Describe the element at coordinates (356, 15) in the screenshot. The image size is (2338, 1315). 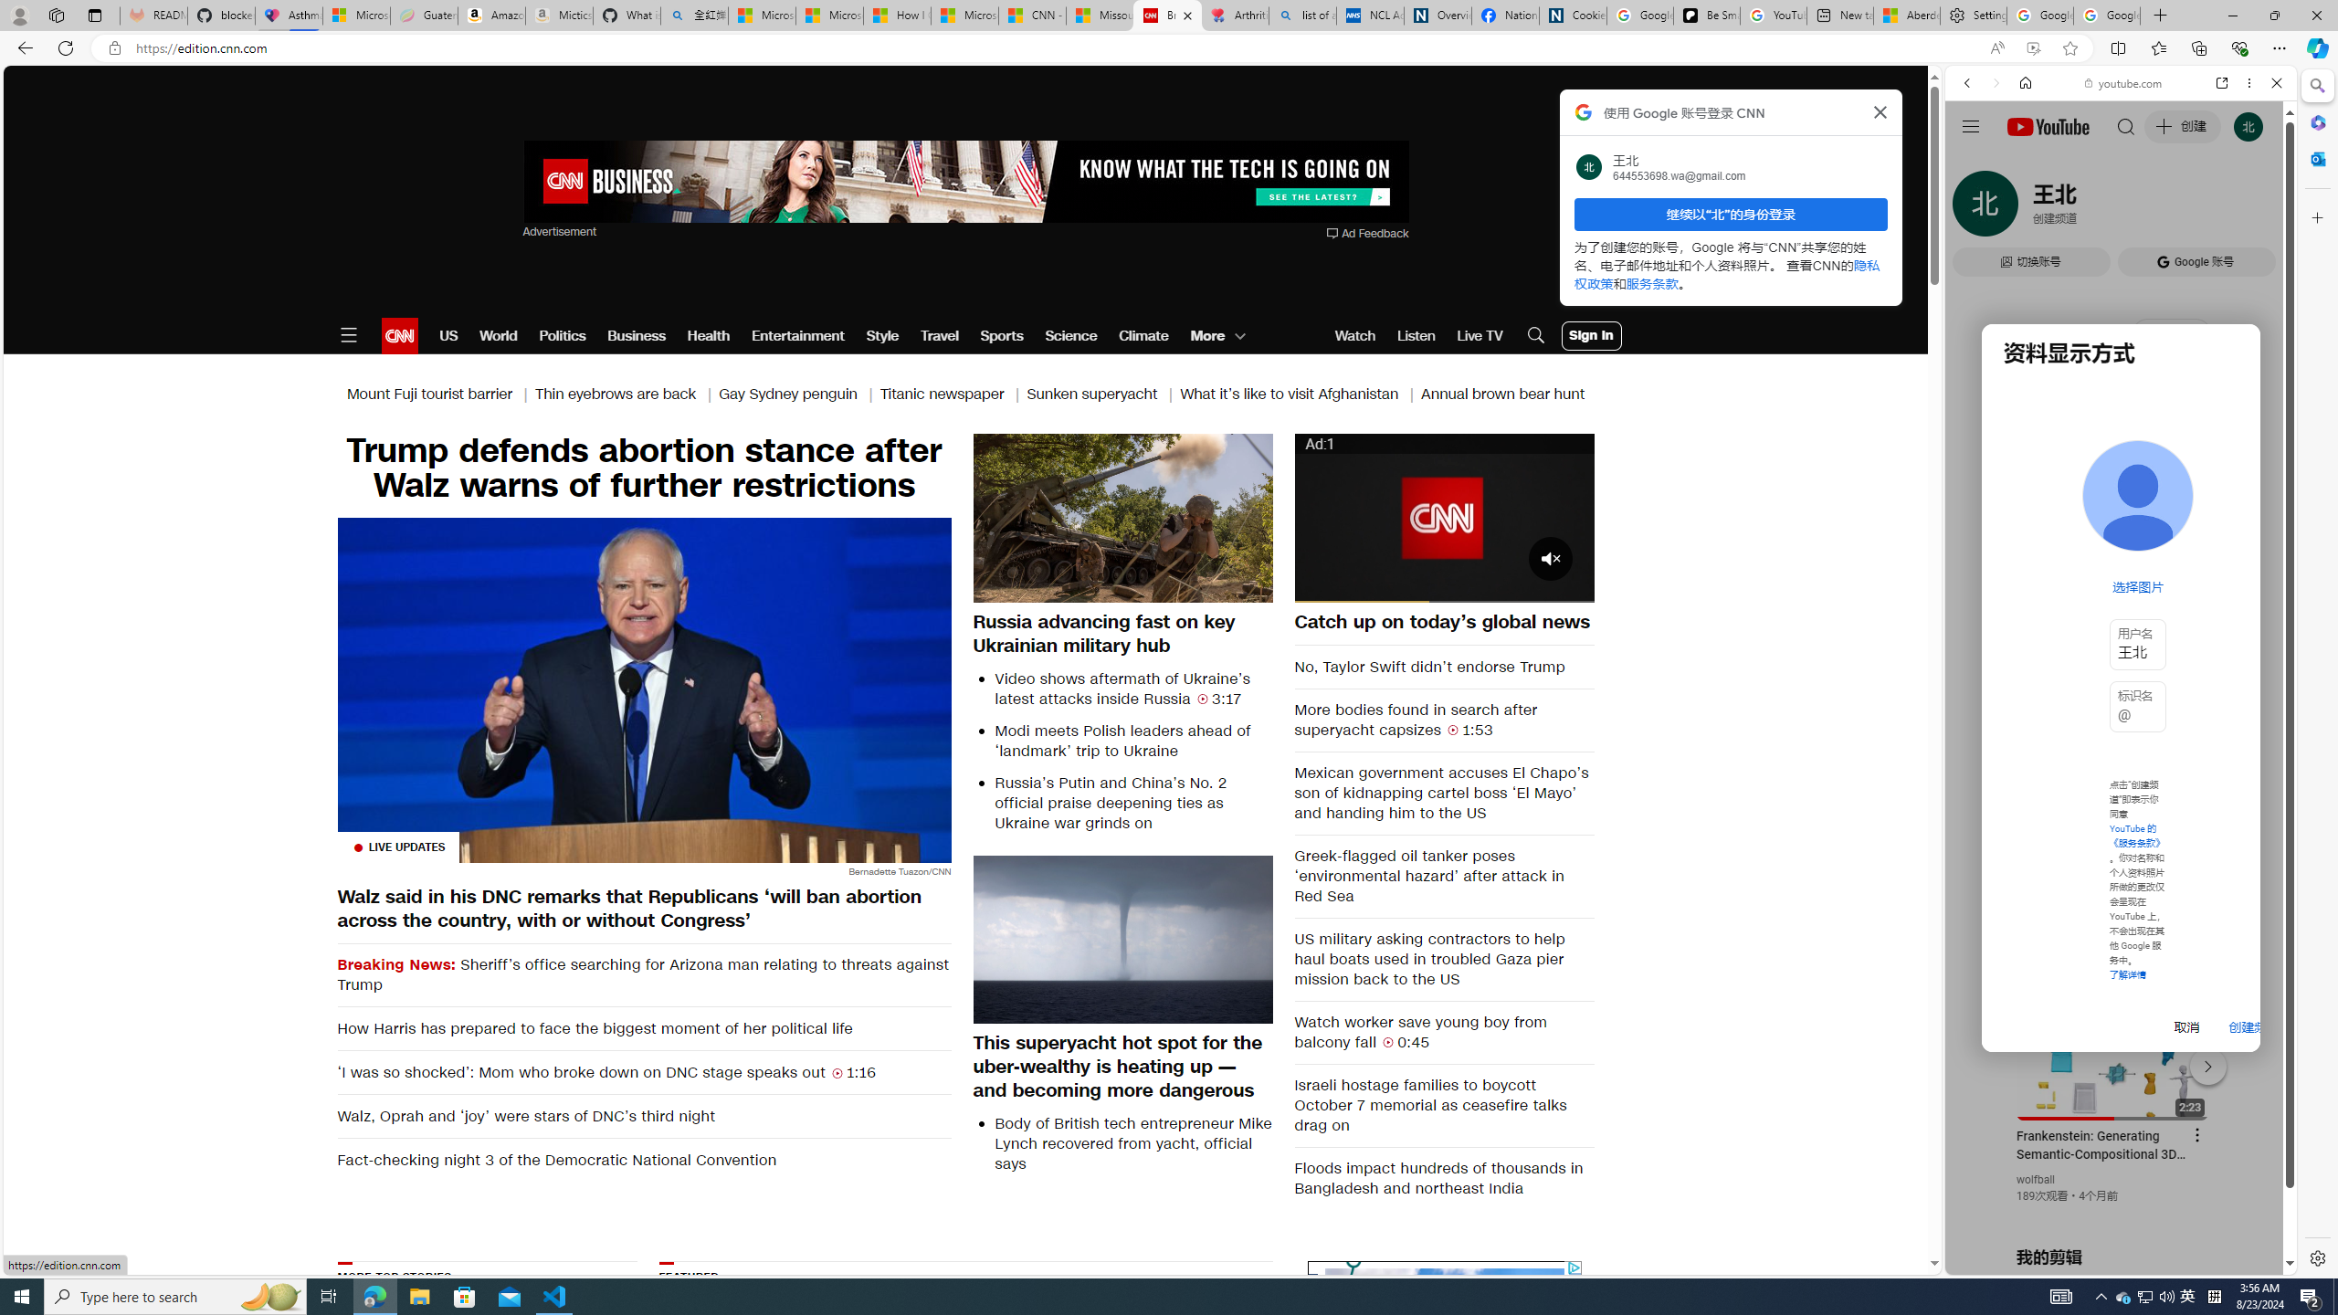
I see `'Microsoft-Report a Concern to Bing'` at that location.